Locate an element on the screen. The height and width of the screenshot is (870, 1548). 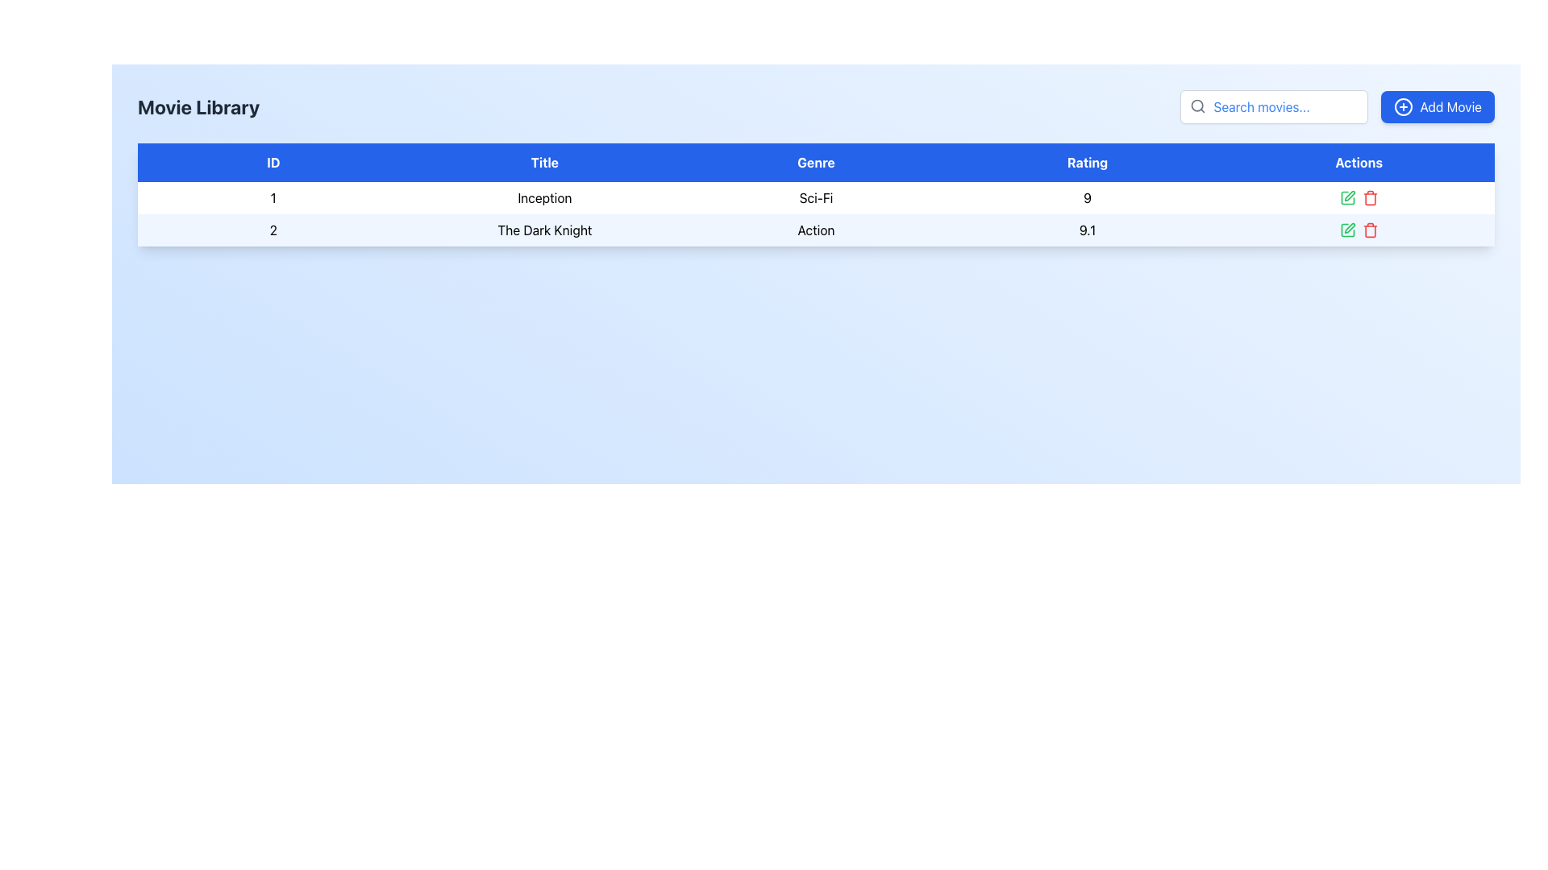
the Text Label displaying the number '9' in the light blue row of the table under the 'Rating' column is located at coordinates (1087, 197).